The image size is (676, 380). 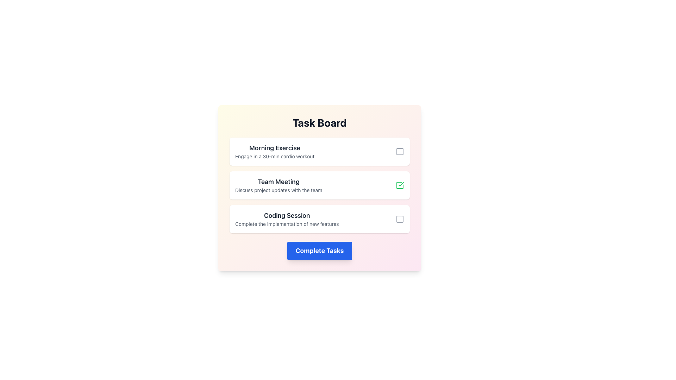 I want to click on the text label that reads 'Coding Session' in bold, larger font, located in the third task entry of a vertical task list, so click(x=287, y=215).